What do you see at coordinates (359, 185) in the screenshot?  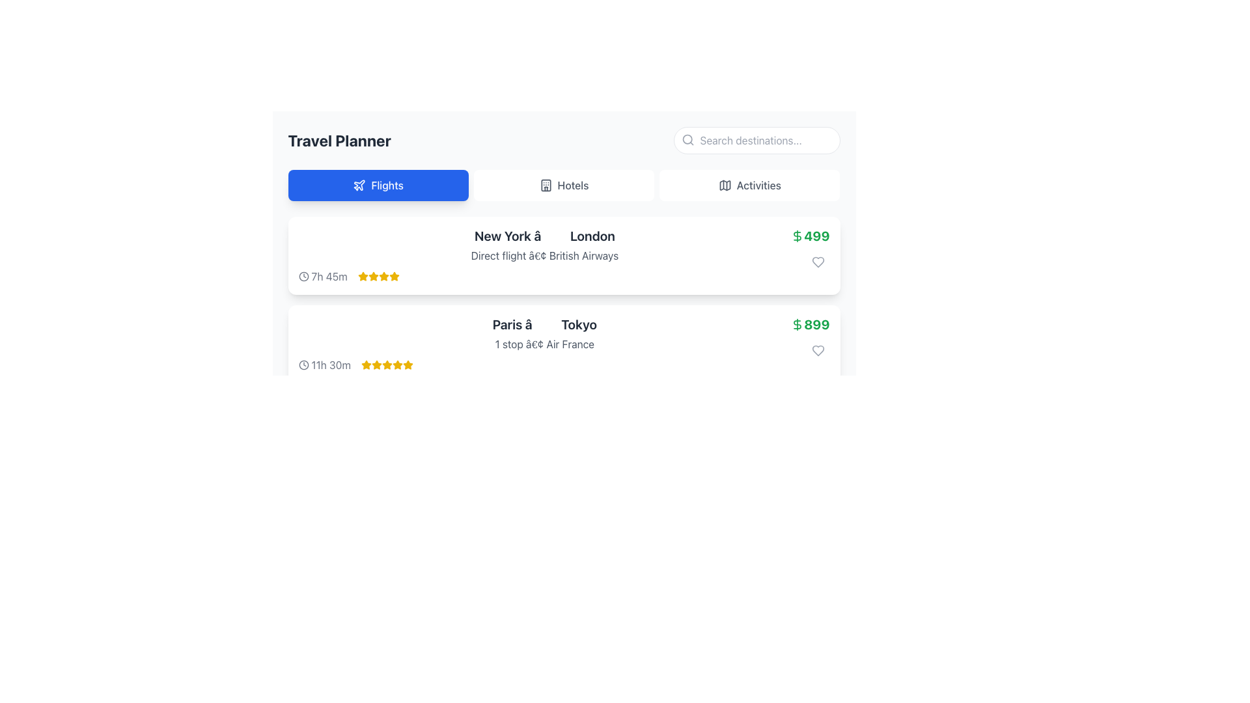 I see `the airplane icon within the 'Flights' button in the navigation bar, which is designed in SVG style and has a blue background` at bounding box center [359, 185].